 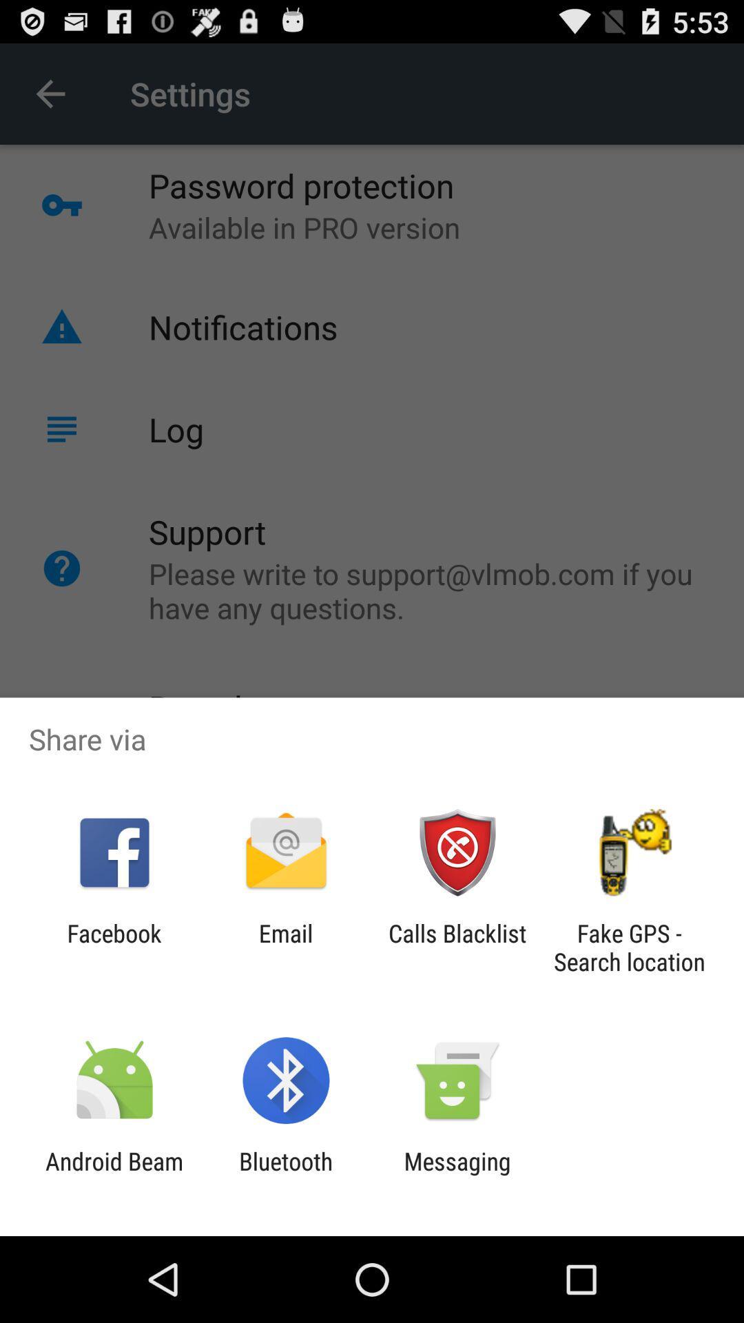 What do you see at coordinates (629, 947) in the screenshot?
I see `app to the right of the calls blacklist app` at bounding box center [629, 947].